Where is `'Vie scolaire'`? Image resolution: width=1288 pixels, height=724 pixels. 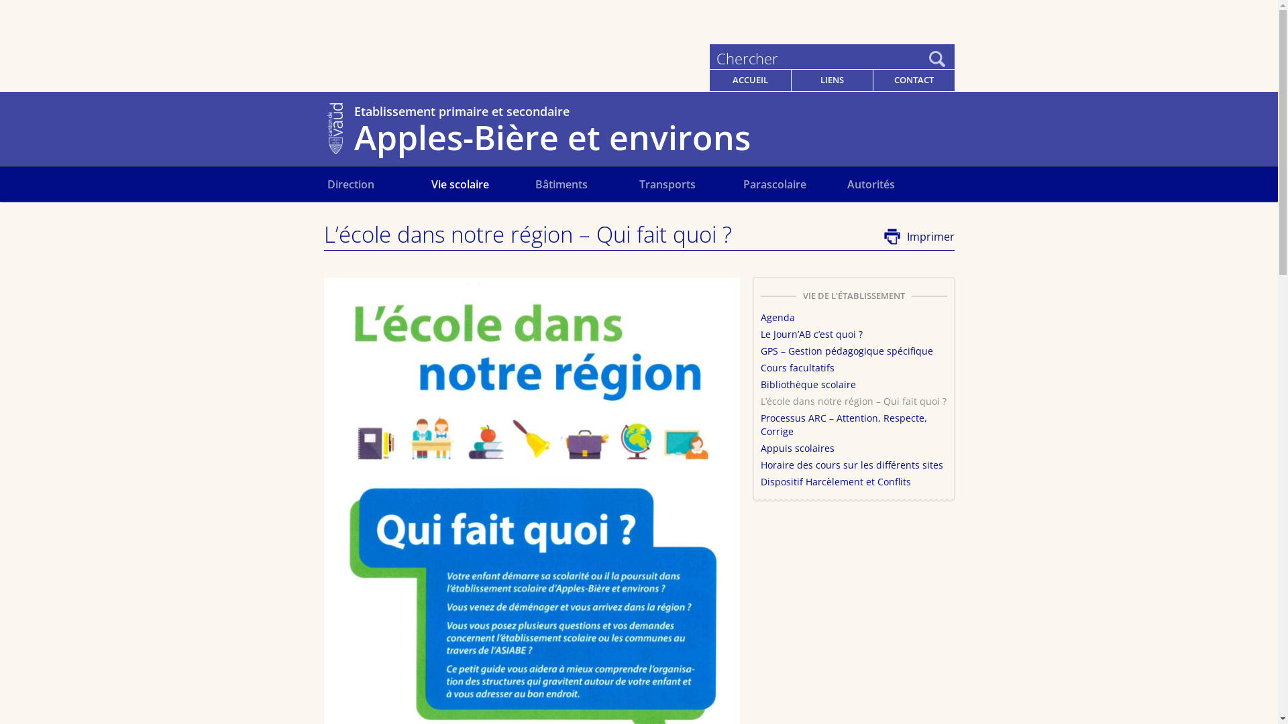 'Vie scolaire' is located at coordinates (482, 184).